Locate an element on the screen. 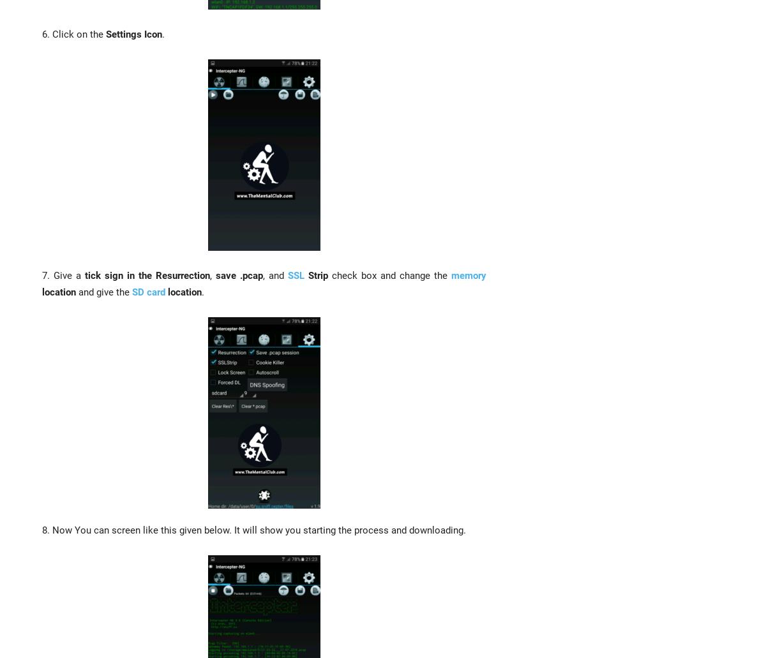 The height and width of the screenshot is (658, 766). 'tick sign in the Resurrection' is located at coordinates (84, 274).